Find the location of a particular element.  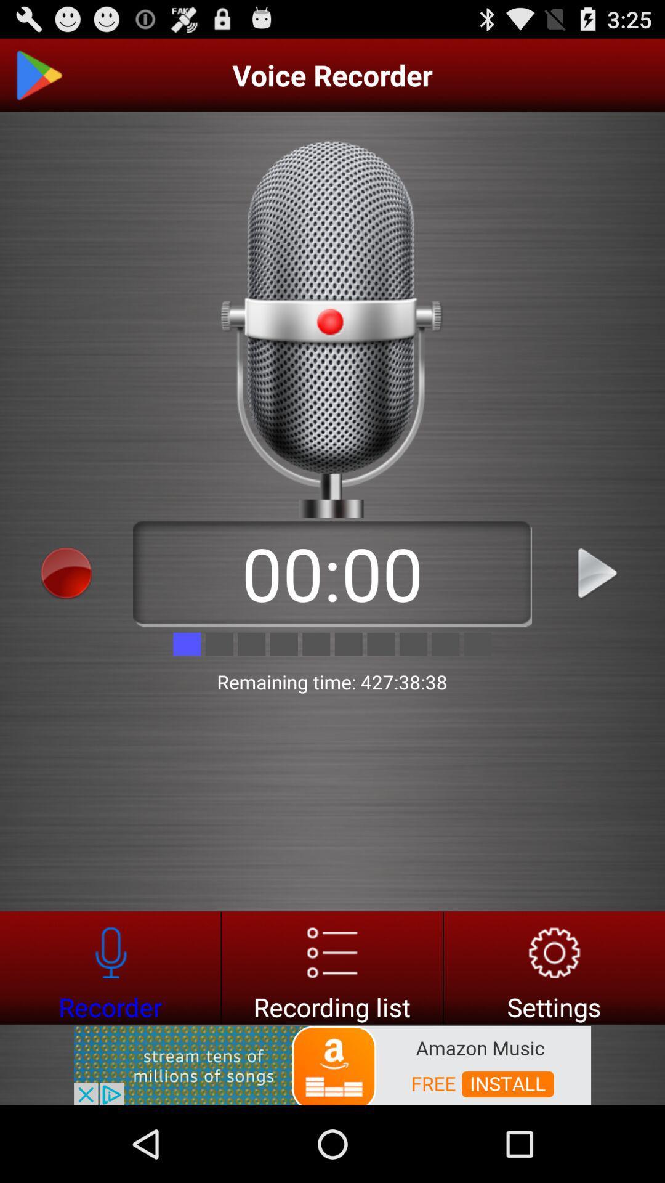

play is located at coordinates (598, 572).